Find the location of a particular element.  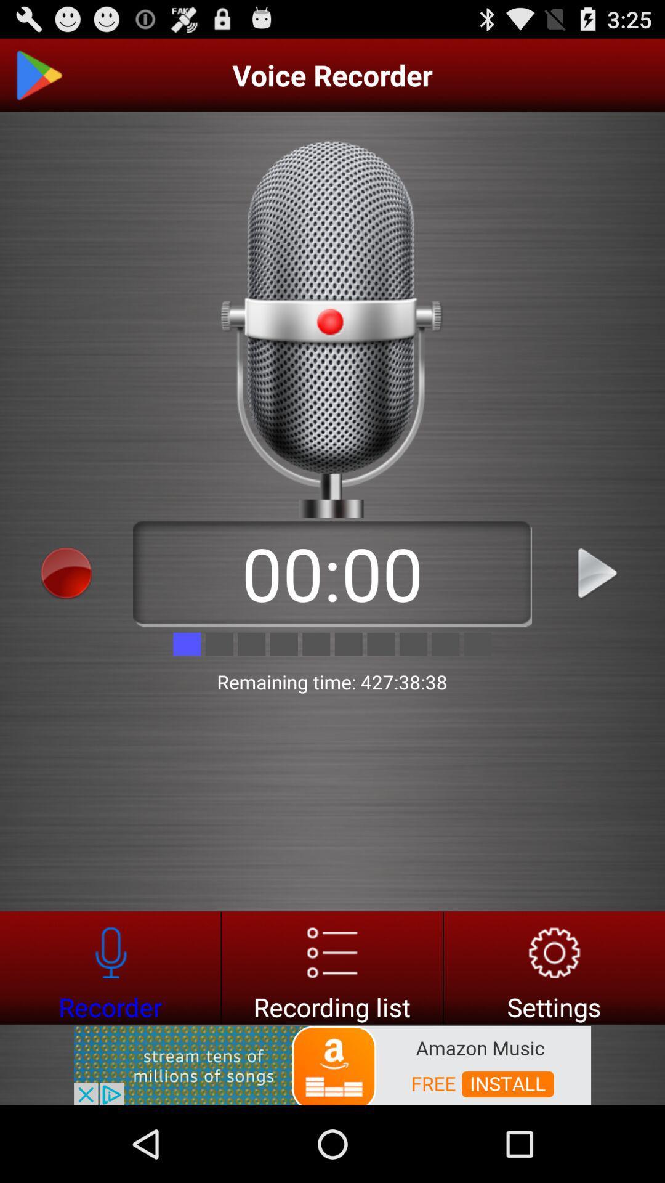

play is located at coordinates (598, 572).